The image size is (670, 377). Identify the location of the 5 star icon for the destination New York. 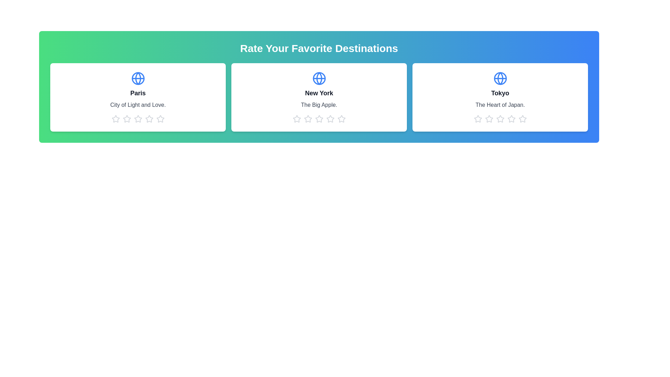
(341, 118).